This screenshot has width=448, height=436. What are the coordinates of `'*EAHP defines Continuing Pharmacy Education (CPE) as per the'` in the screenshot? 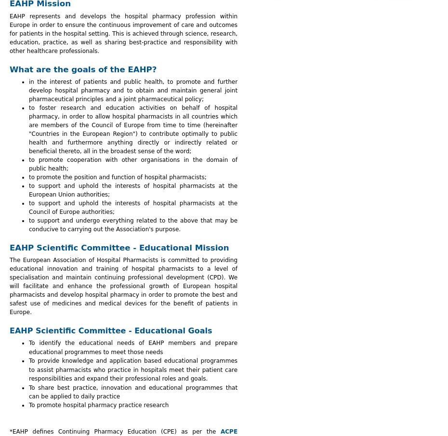 It's located at (9, 431).